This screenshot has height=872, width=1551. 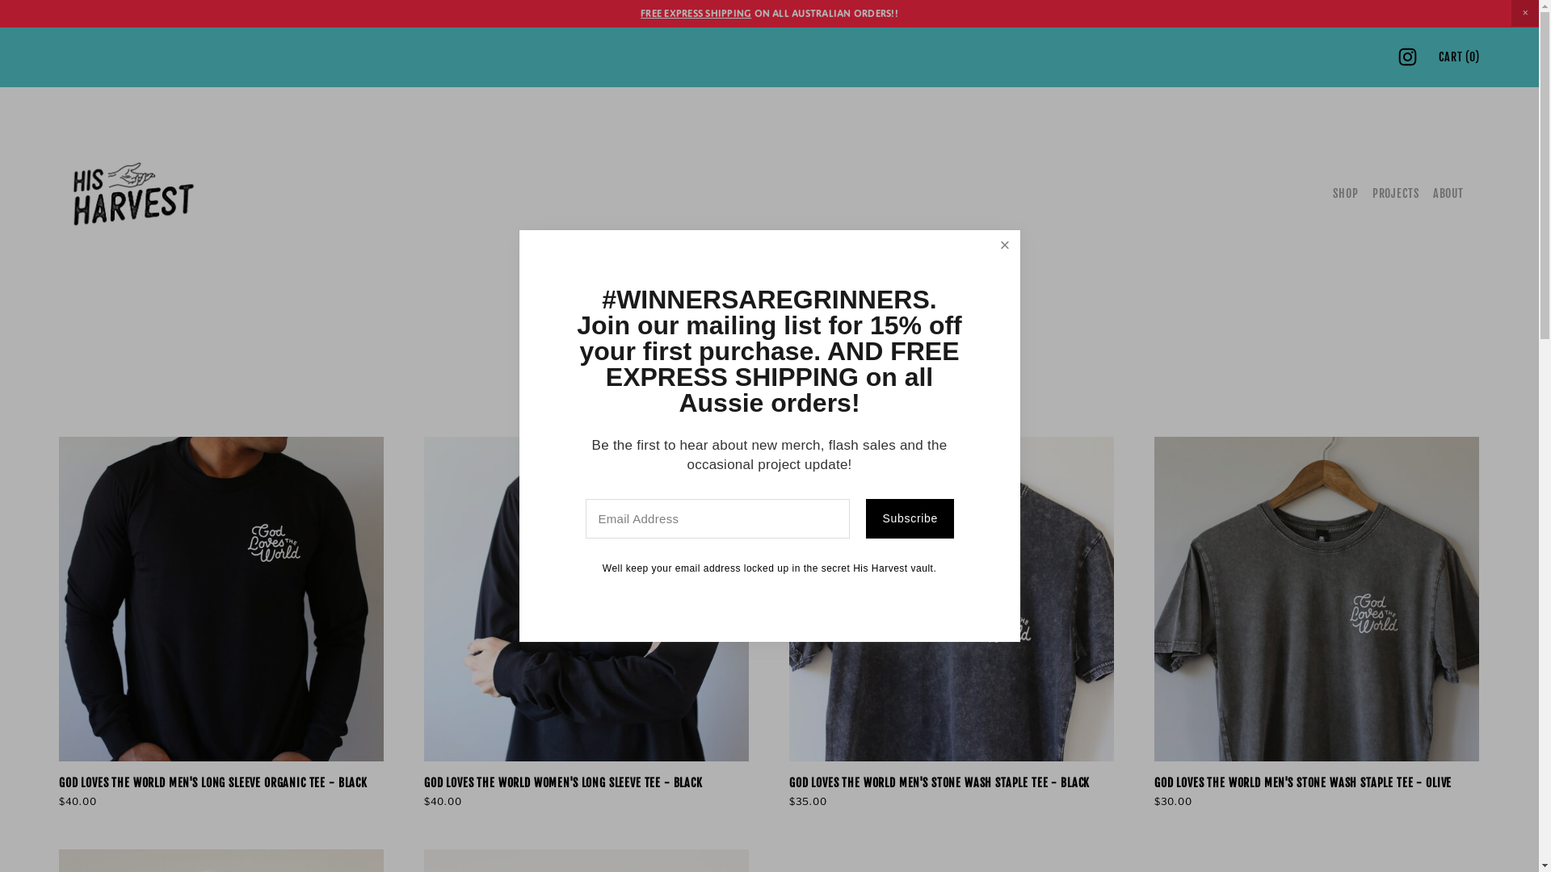 What do you see at coordinates (788, 406) in the screenshot?
I see `'HATS'` at bounding box center [788, 406].